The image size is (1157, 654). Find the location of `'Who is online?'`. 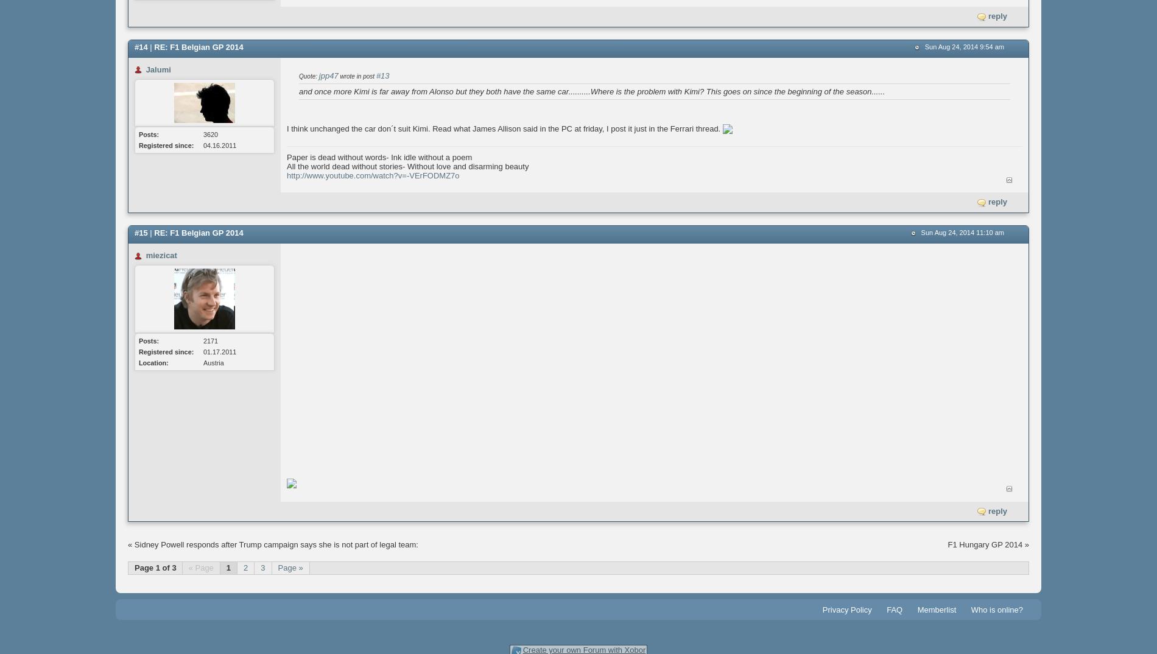

'Who is online?' is located at coordinates (970, 609).